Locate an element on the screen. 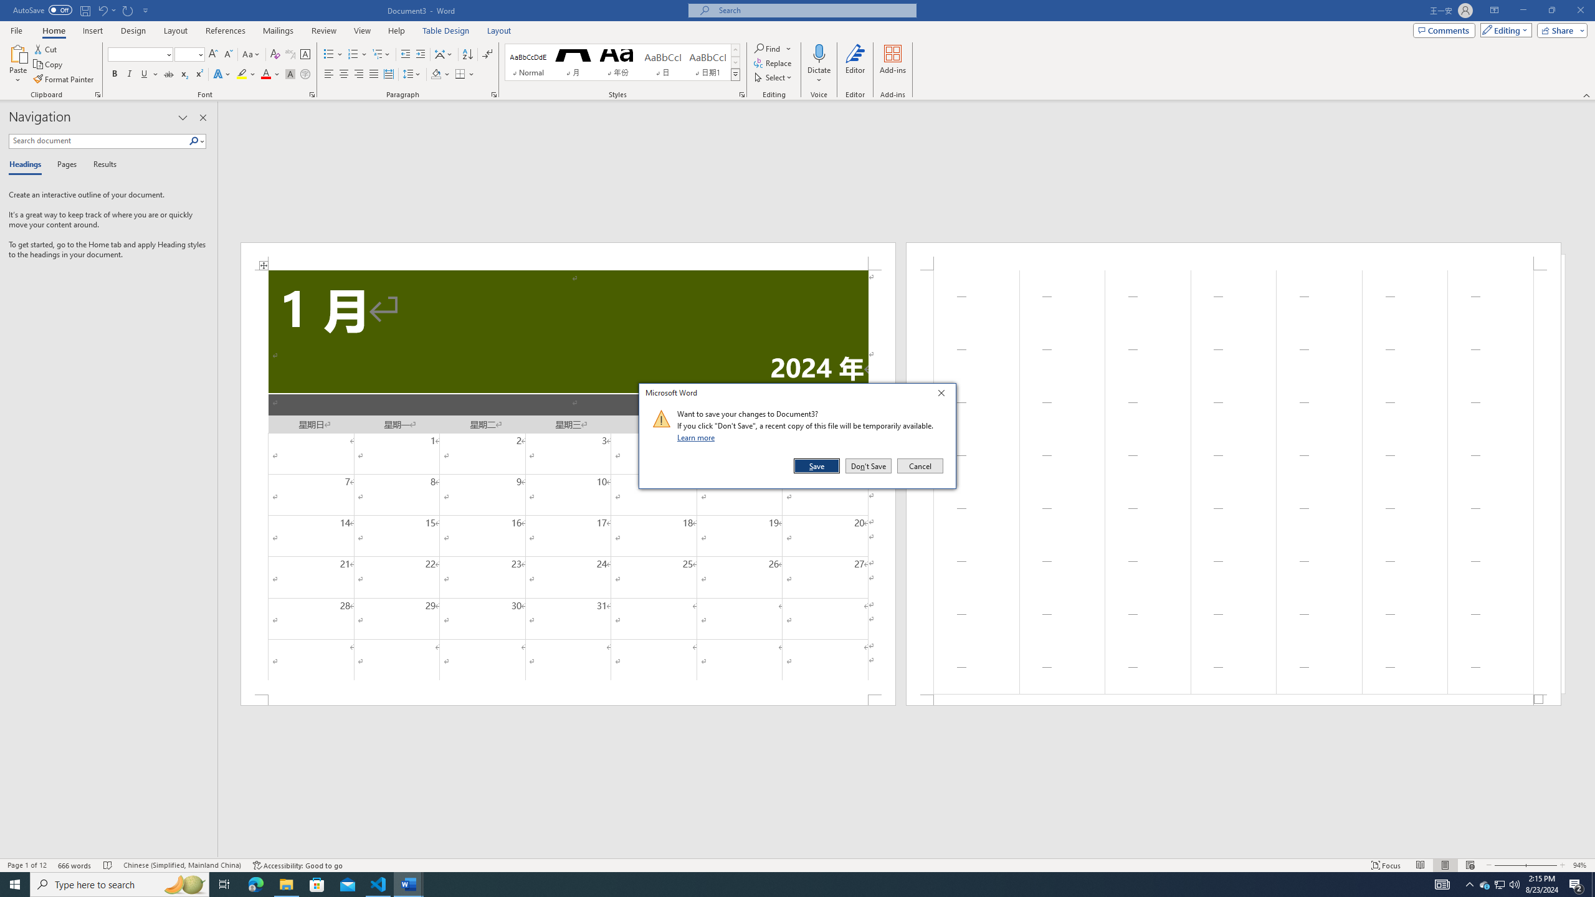 The height and width of the screenshot is (897, 1595). 'Change Case' is located at coordinates (251, 54).